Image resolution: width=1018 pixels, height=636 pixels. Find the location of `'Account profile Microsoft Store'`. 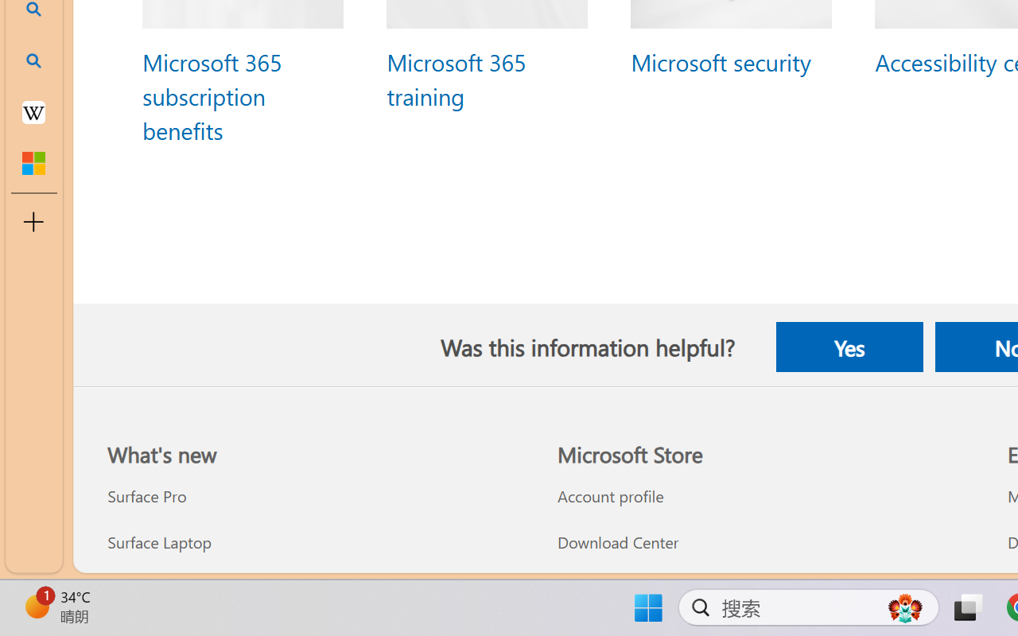

'Account profile Microsoft Store' is located at coordinates (609, 496).